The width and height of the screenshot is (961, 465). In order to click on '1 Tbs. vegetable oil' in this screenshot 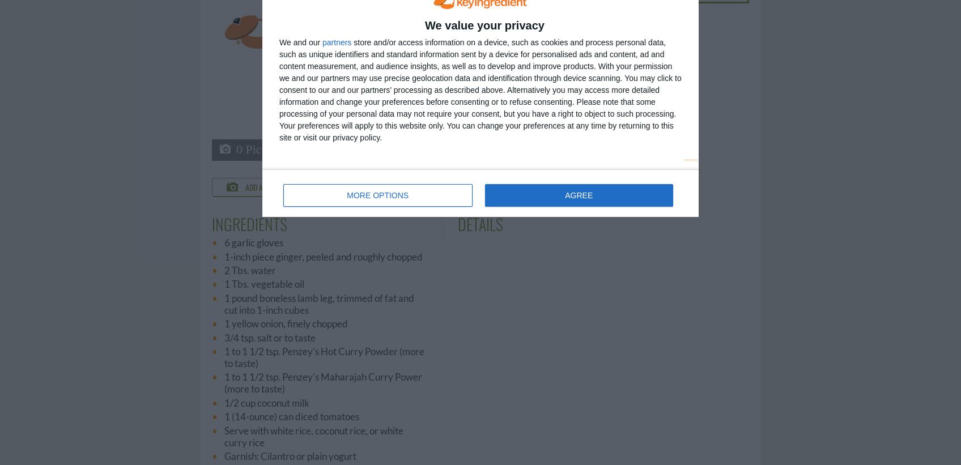, I will do `click(264, 283)`.